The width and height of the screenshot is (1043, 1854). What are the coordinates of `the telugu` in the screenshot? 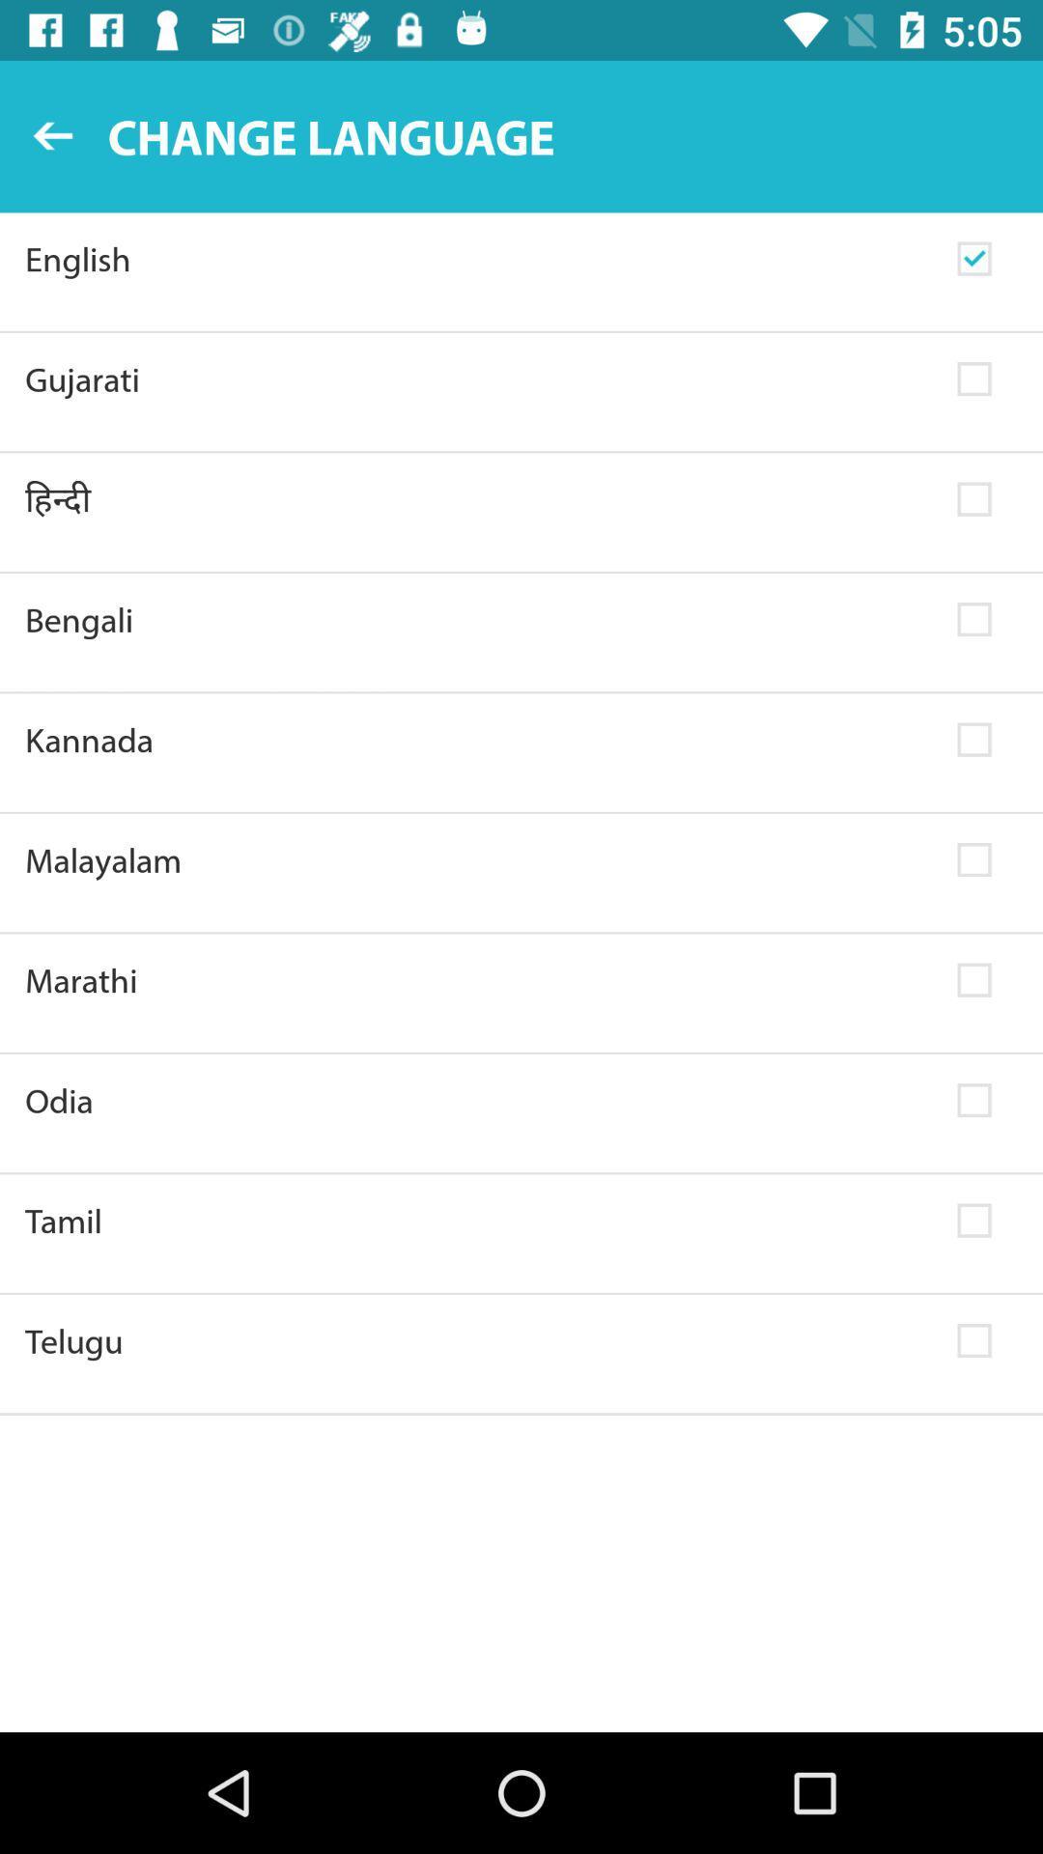 It's located at (478, 1339).